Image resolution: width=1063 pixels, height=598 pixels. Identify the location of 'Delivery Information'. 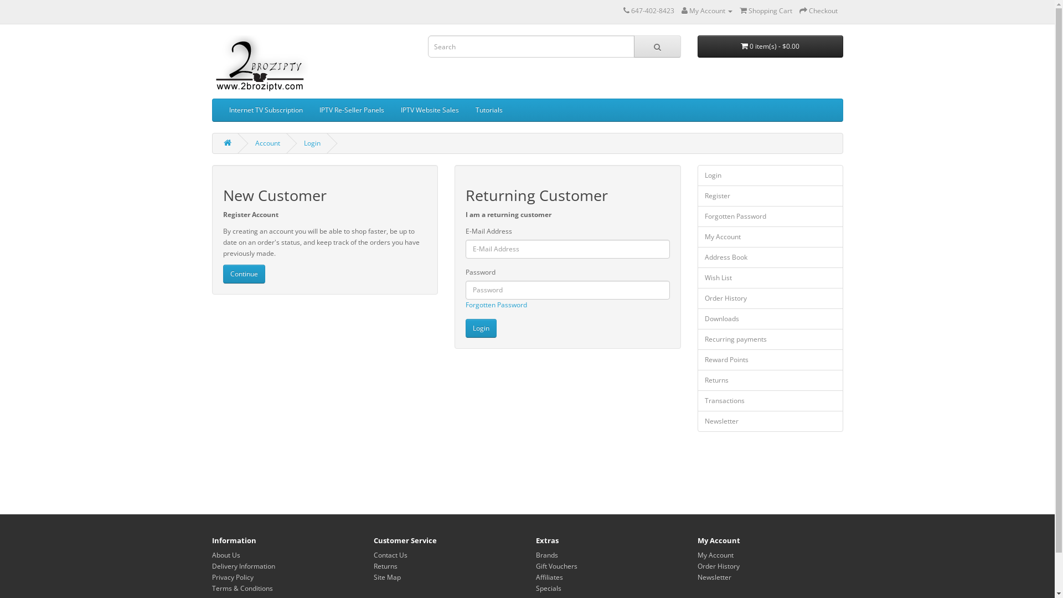
(242, 566).